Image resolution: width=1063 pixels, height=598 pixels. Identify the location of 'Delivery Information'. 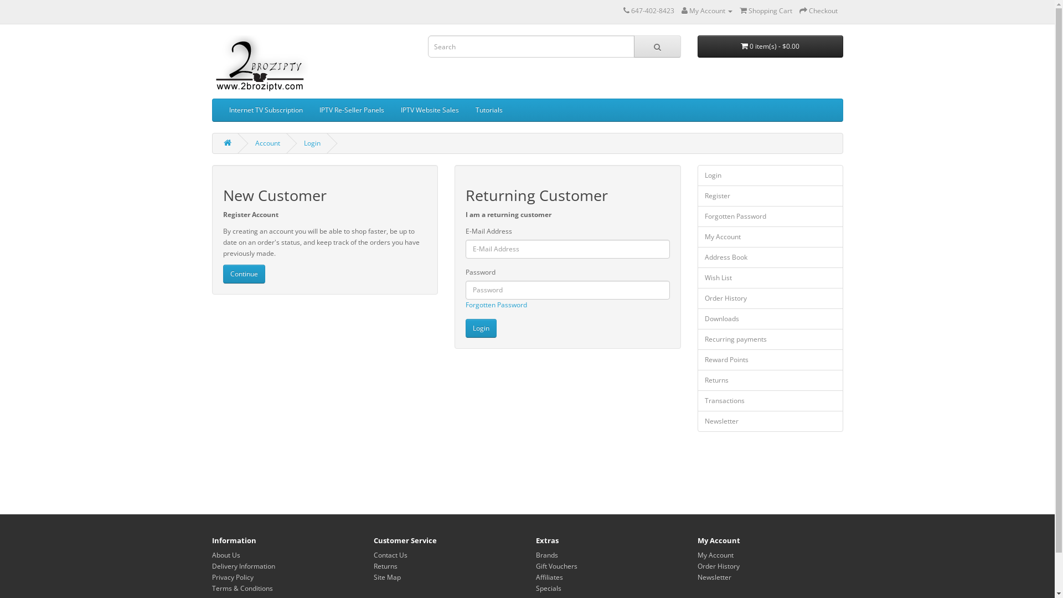
(242, 566).